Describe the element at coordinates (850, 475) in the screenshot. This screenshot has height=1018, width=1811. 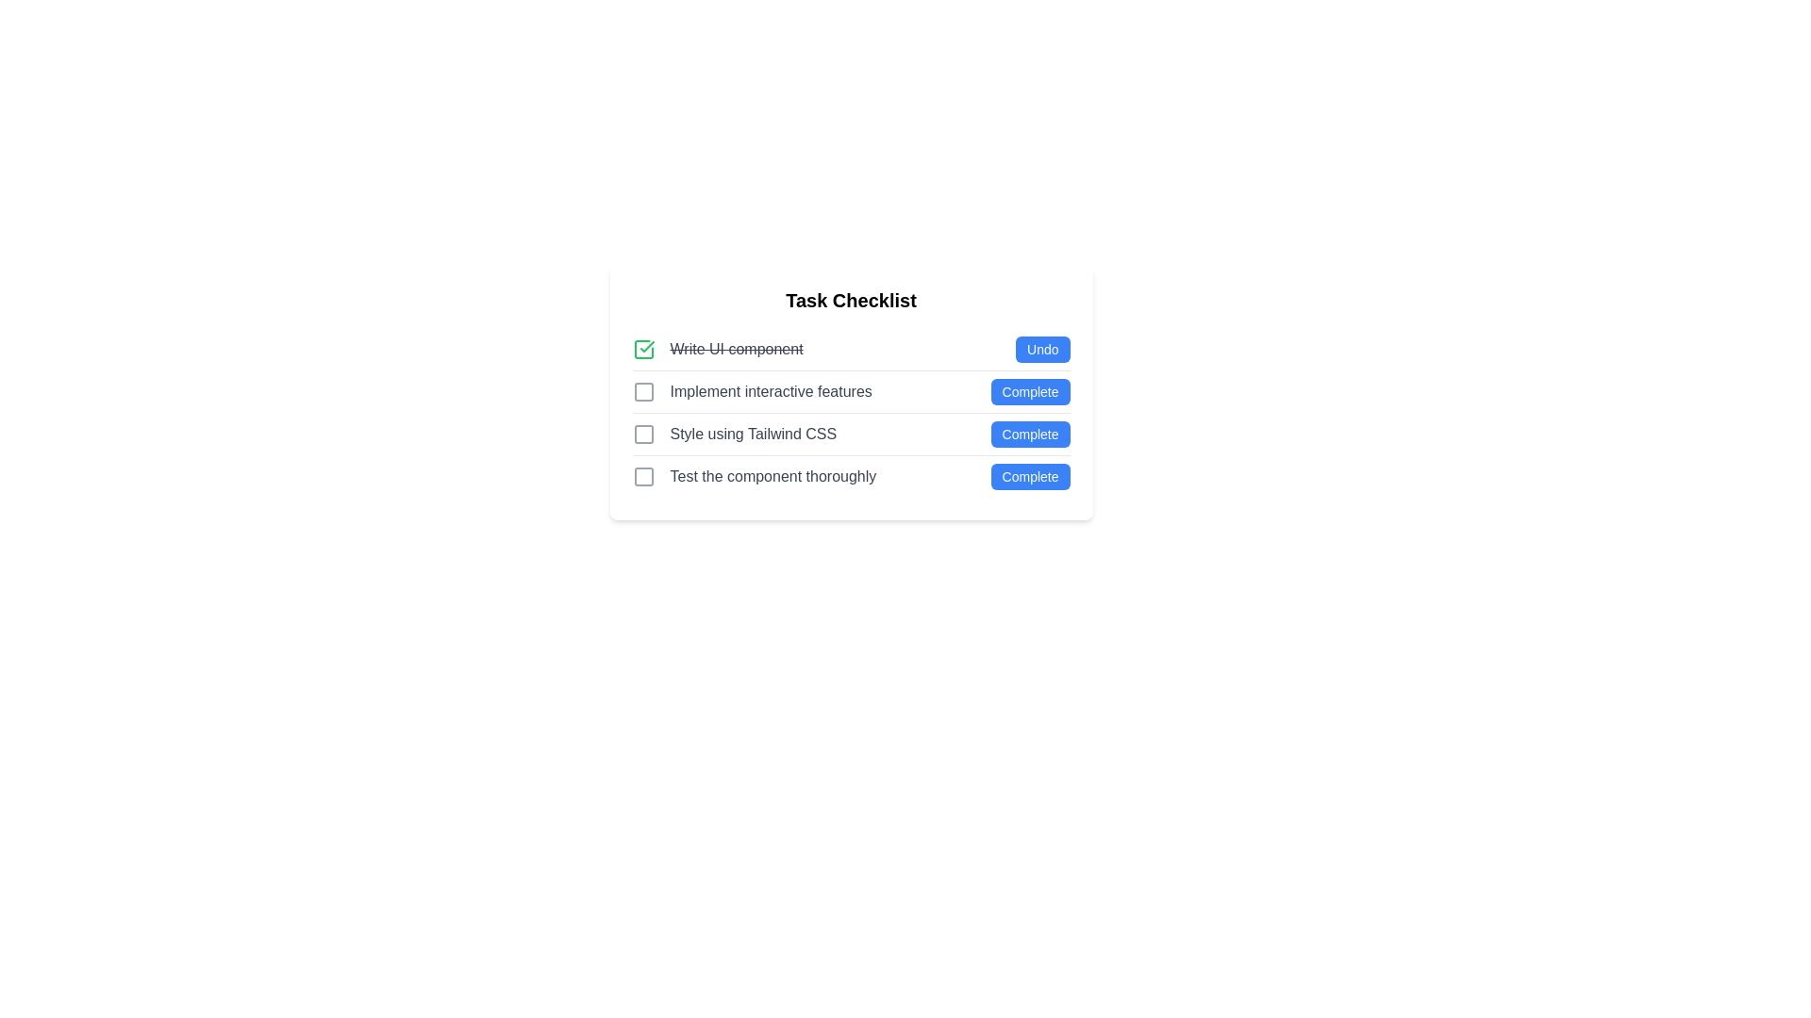
I see `the 'Complete' button on the fourth list item of the task checklist, which is styled with a checkbox and descriptive text 'Test the component thoroughly'` at that location.